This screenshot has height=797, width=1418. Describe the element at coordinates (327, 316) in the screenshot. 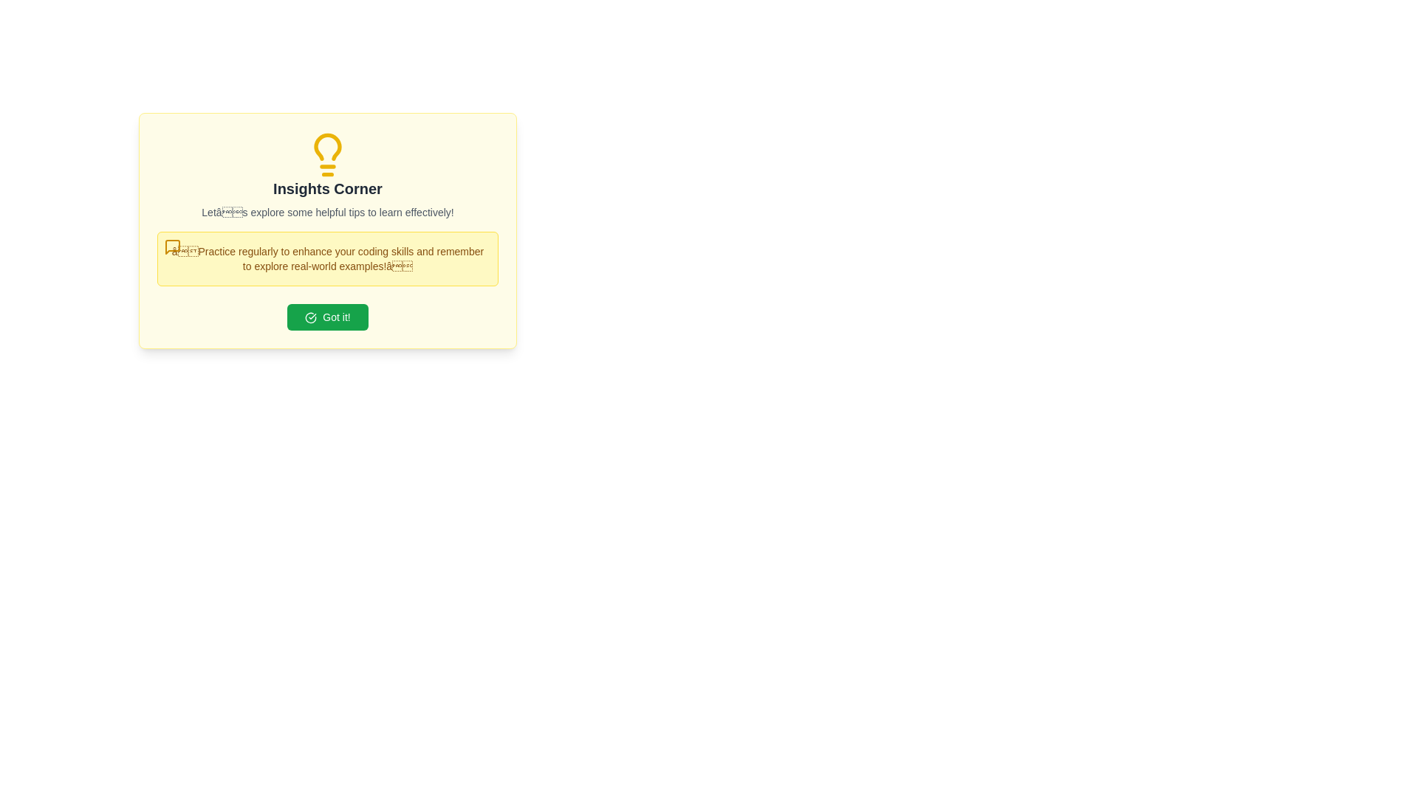

I see `the button located at the bottom of the 'Insights Corner' section to acknowledge the message or proceed to the next step` at that location.